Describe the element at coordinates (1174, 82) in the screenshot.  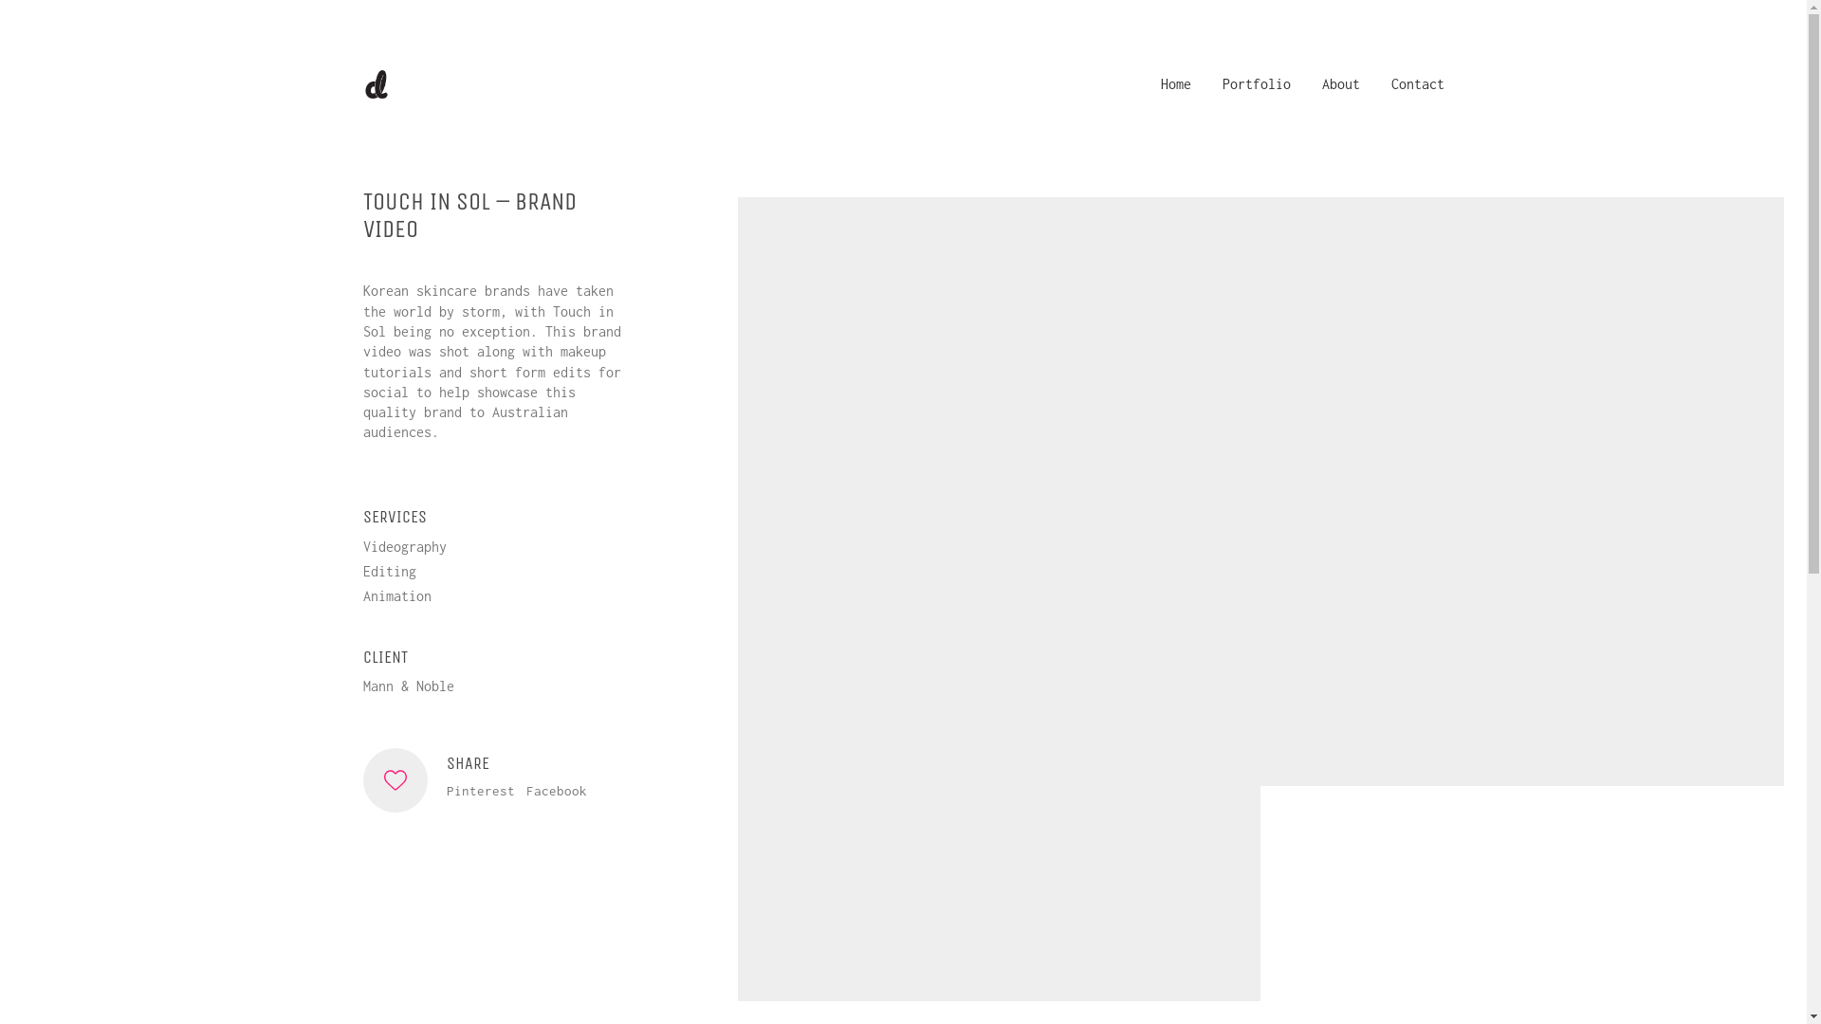
I see `'Home'` at that location.